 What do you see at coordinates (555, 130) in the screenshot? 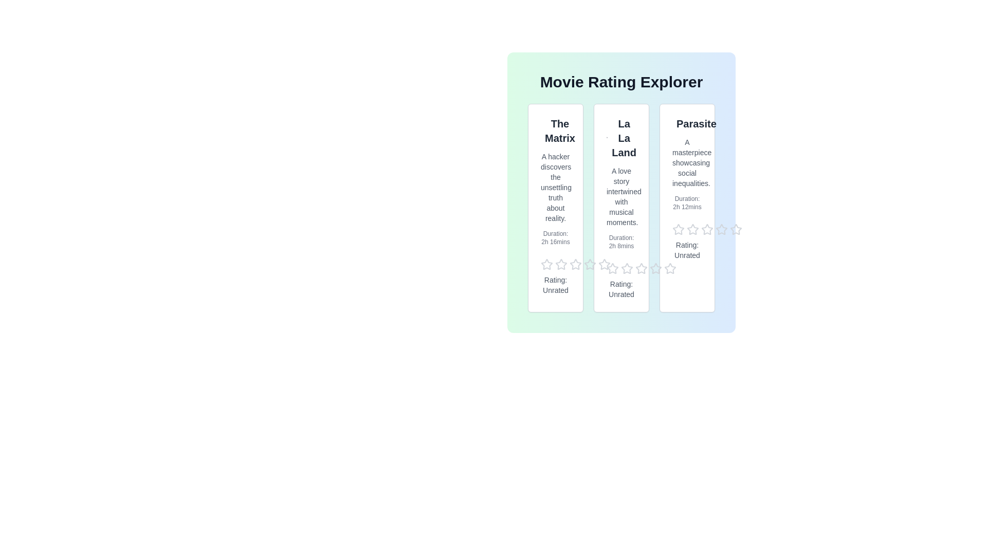
I see `the title of the movie The Matrix` at bounding box center [555, 130].